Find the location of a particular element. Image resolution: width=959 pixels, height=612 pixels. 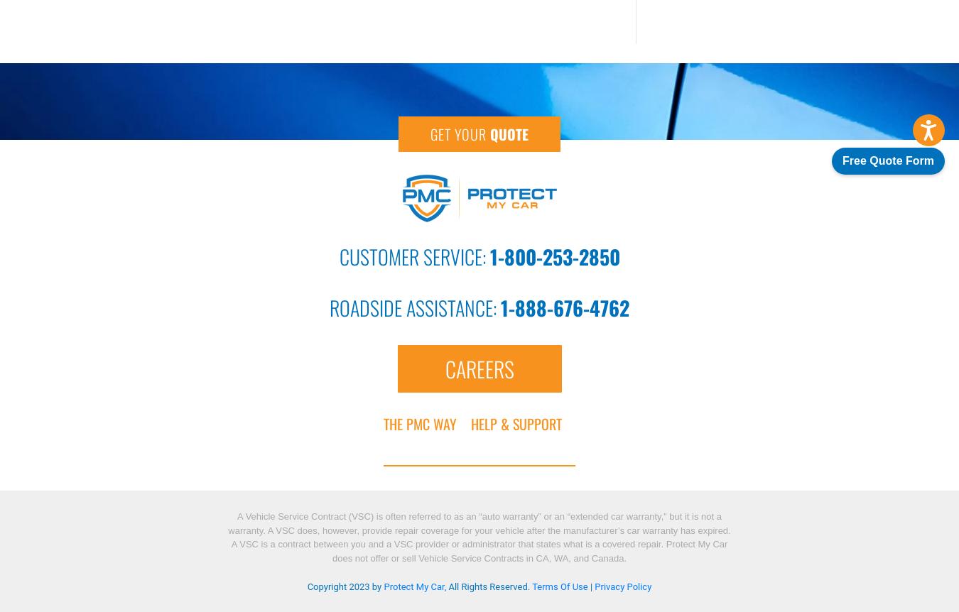

'ROADSIDE ASSISTANCE:' is located at coordinates (415, 307).